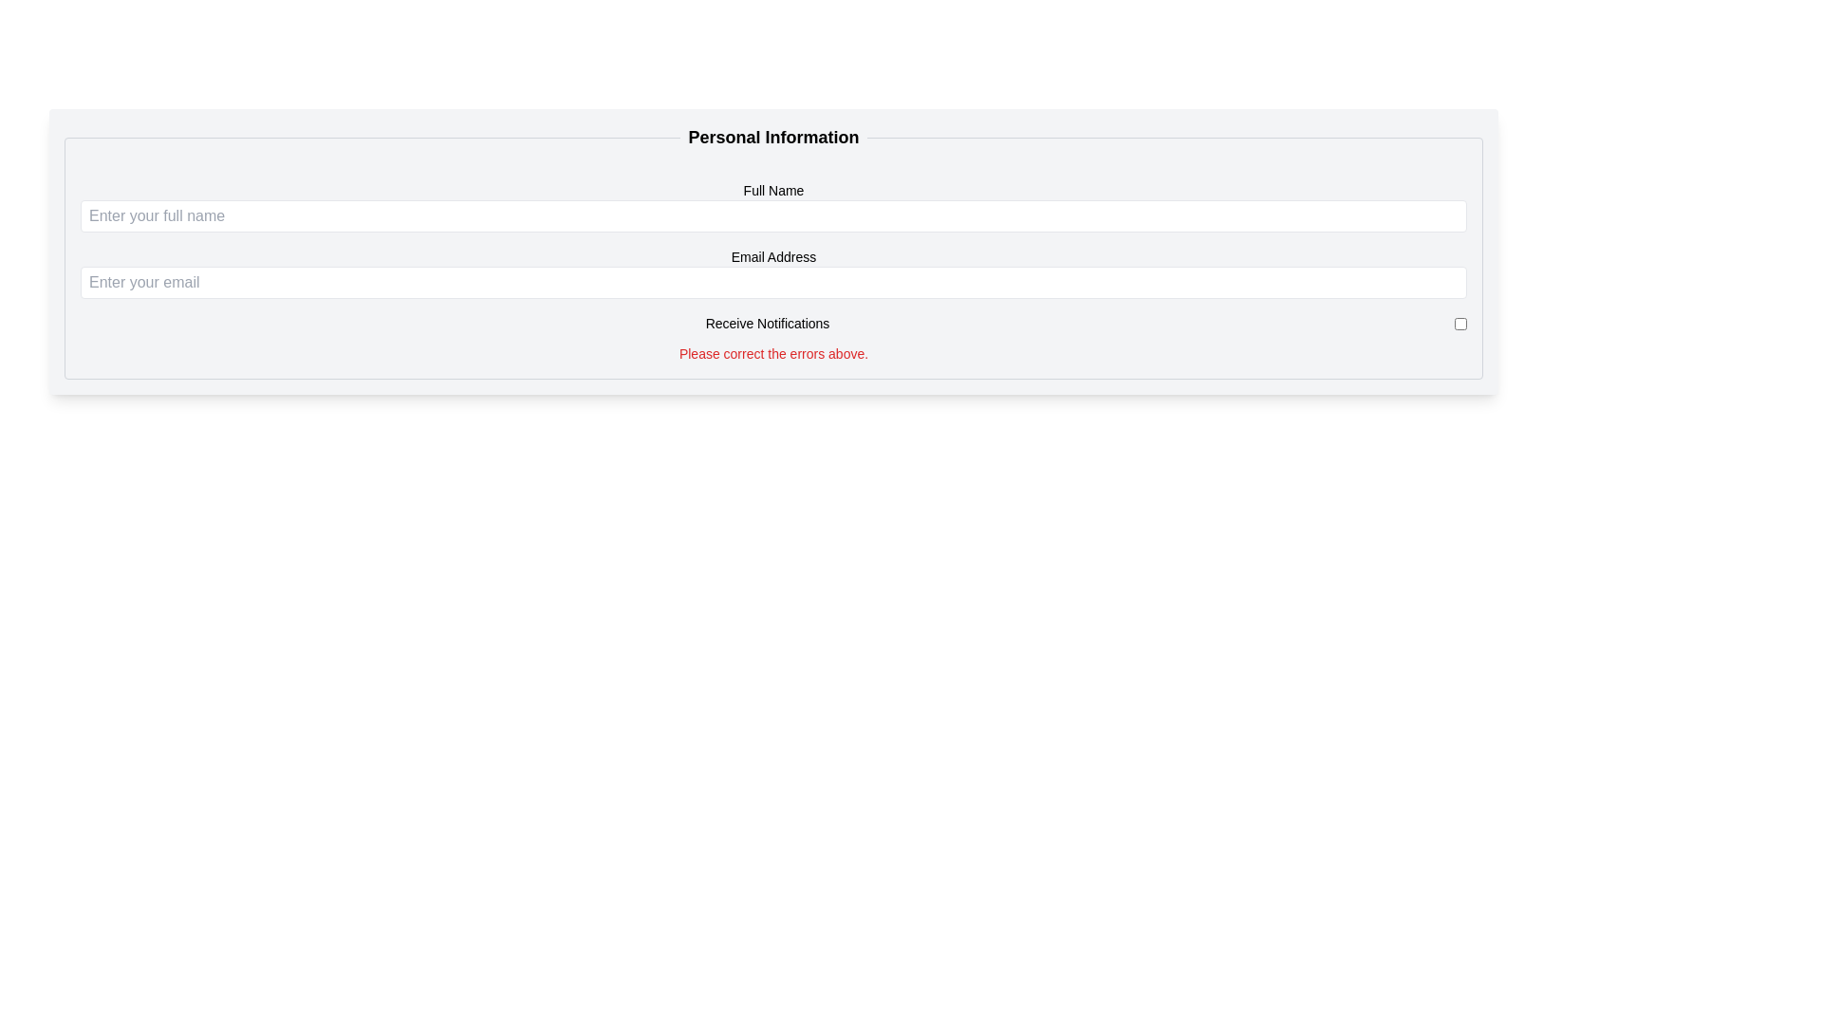 This screenshot has height=1025, width=1822. What do you see at coordinates (773, 256) in the screenshot?
I see `the 'Email Address' text label, which is styled in a smaller font and positioned above the associated email input field within the 'Personal Information' form` at bounding box center [773, 256].